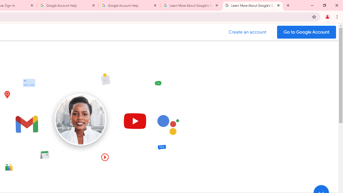  Describe the element at coordinates (247, 32) in the screenshot. I see `'Create a Google Account'` at that location.